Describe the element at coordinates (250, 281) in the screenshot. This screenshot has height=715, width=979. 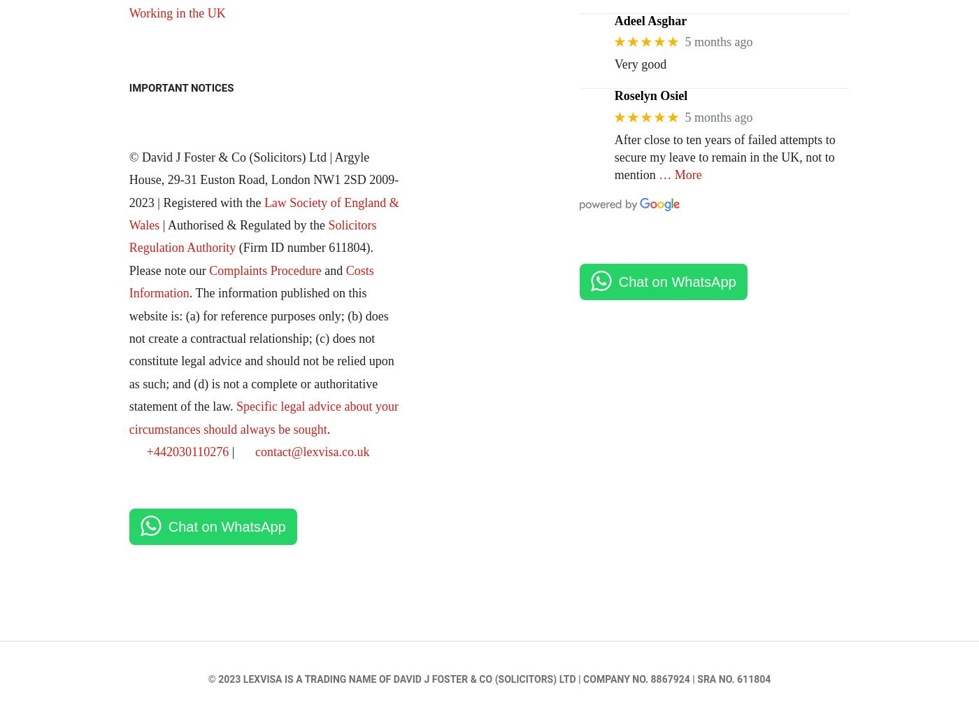
I see `'Costs Information'` at that location.